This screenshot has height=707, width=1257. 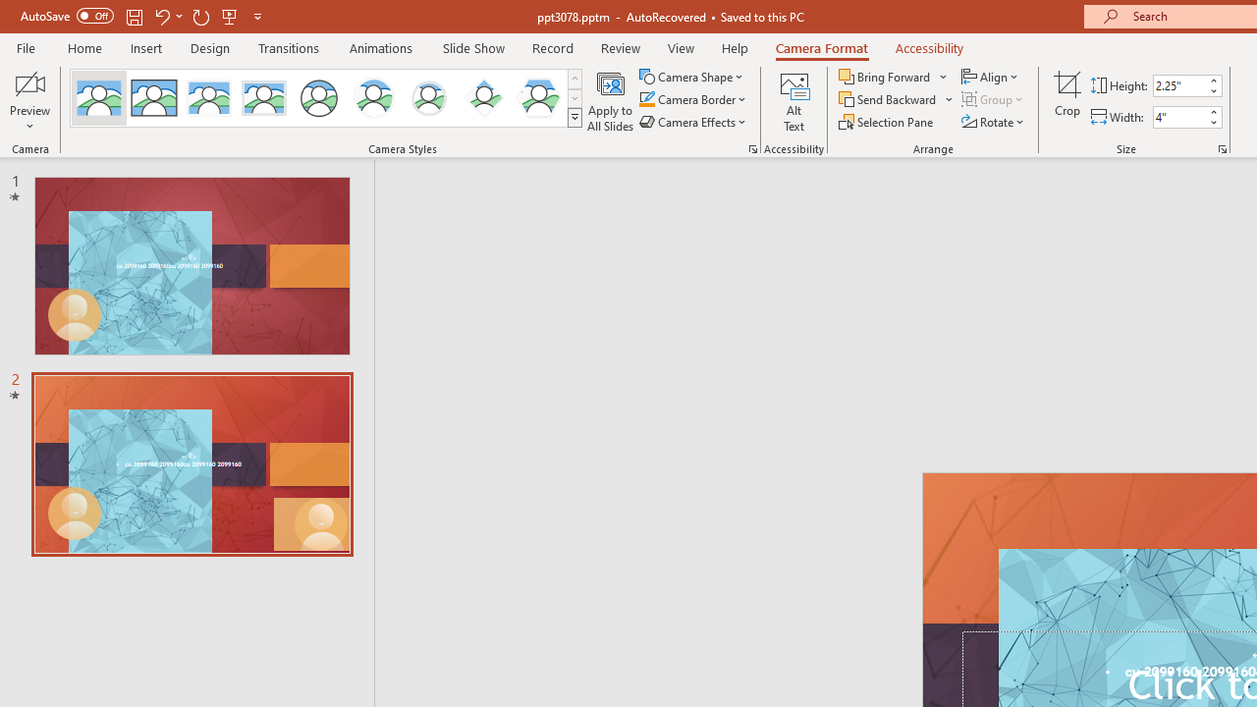 I want to click on 'Group', so click(x=994, y=99).